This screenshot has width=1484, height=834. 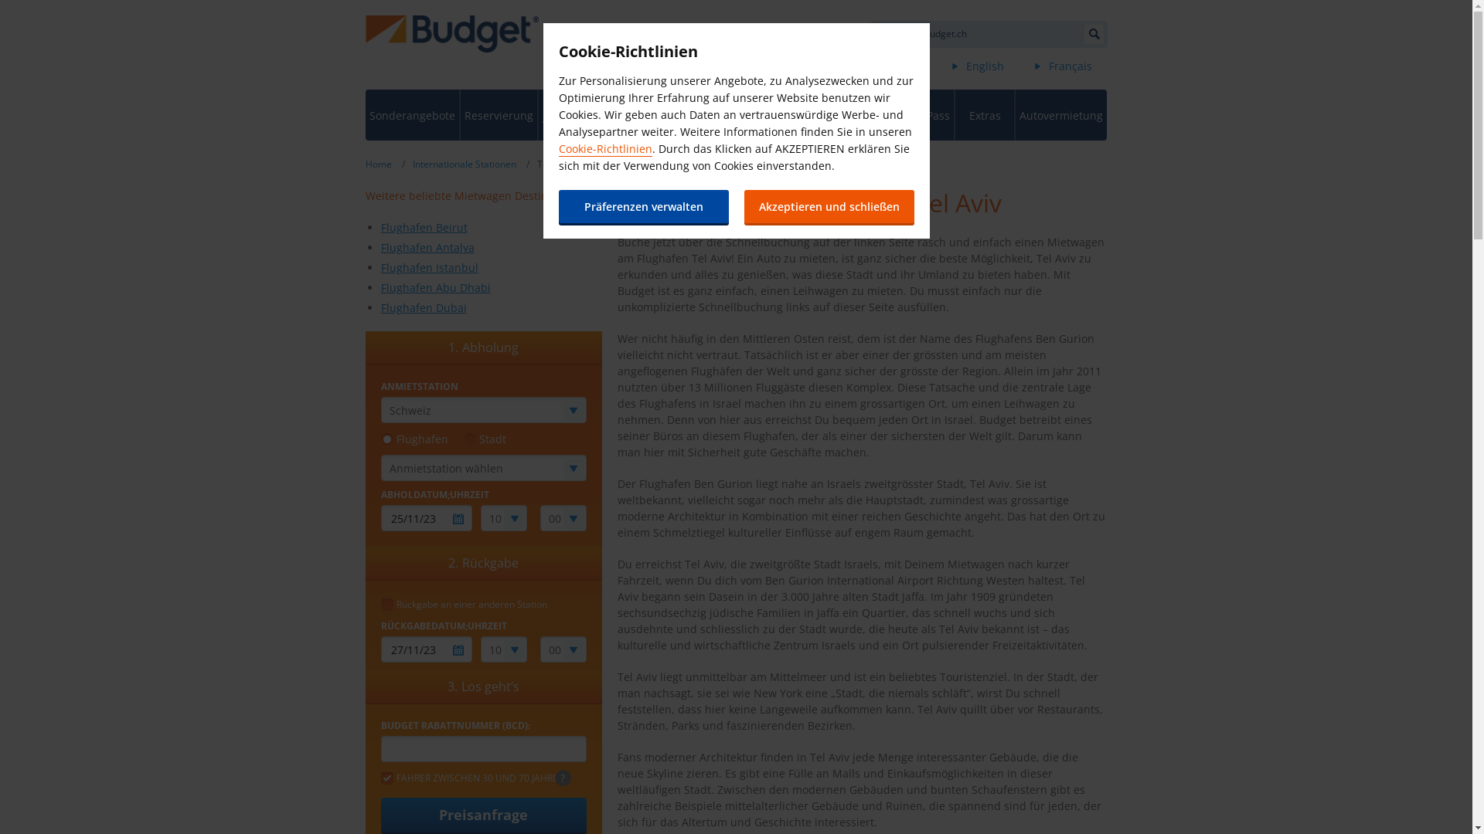 What do you see at coordinates (556, 148) in the screenshot?
I see `'Cookie-Richtlinien'` at bounding box center [556, 148].